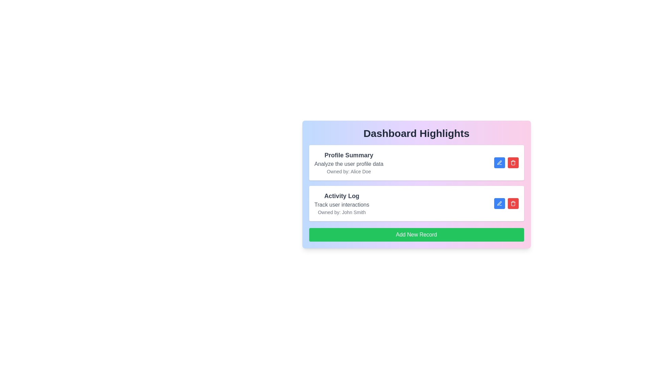 The width and height of the screenshot is (653, 367). Describe the element at coordinates (342, 212) in the screenshot. I see `the text label that says 'Owned by: John Smith', which is located at the bottom of the 'Activity Log' card under 'Track user interactions'` at that location.